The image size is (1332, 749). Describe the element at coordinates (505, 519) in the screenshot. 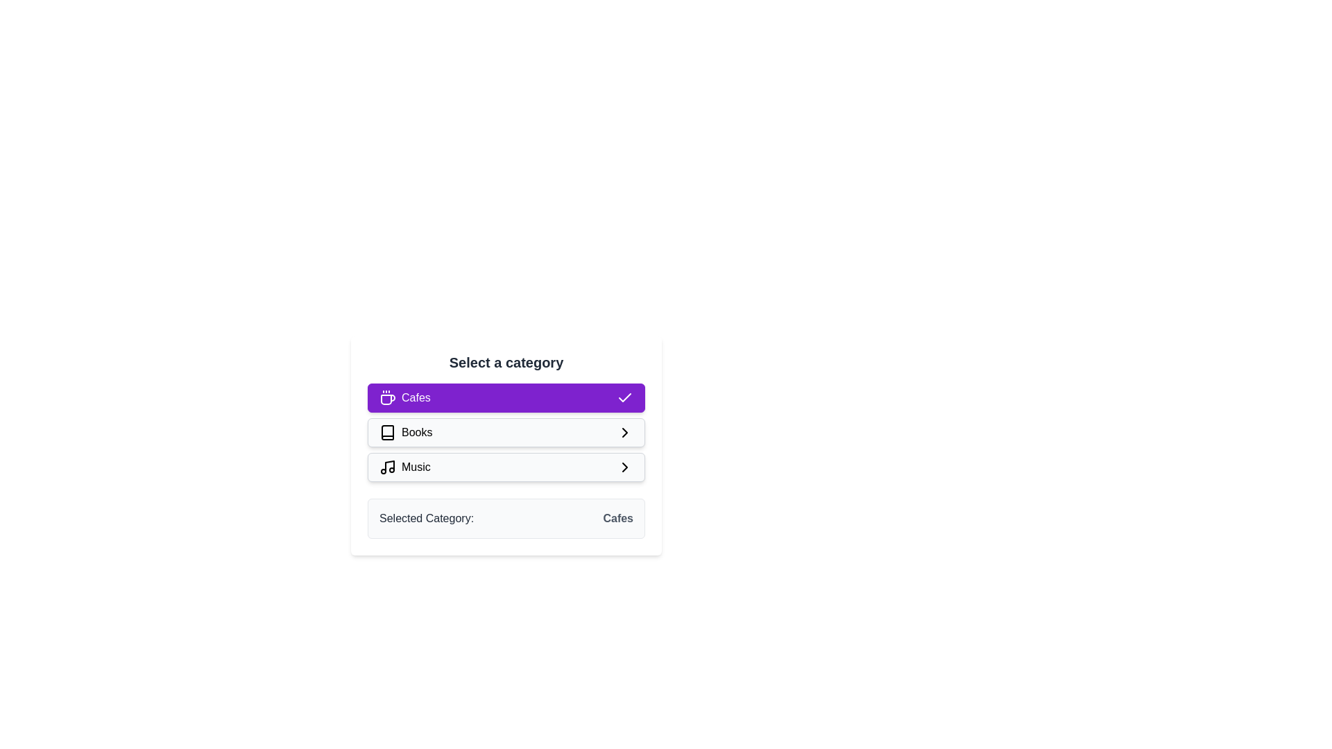

I see `the Informational display box that shows the currently selected category below the list of selectable categories ('Cafes', 'Books', 'Music')` at that location.